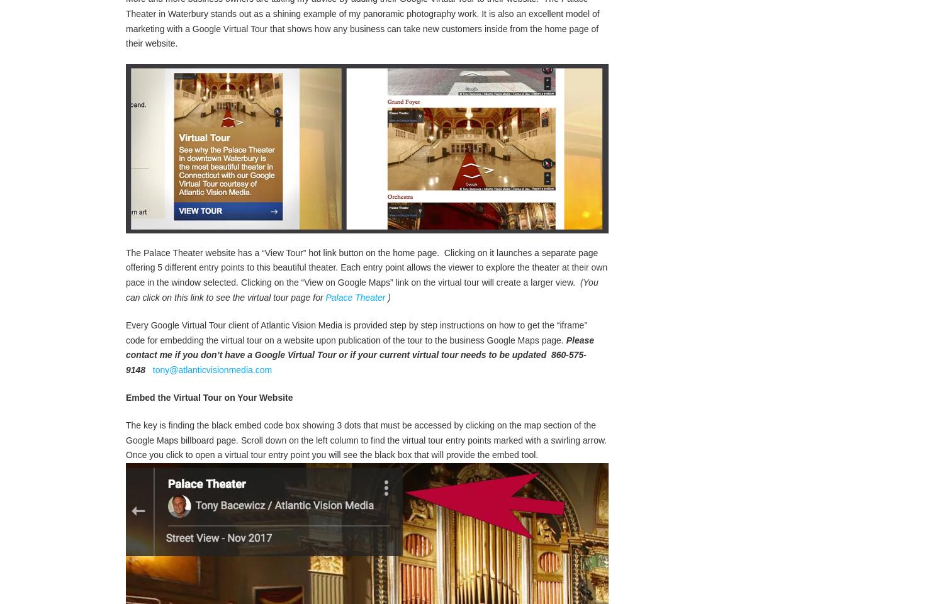 The image size is (944, 604). What do you see at coordinates (366, 281) in the screenshot?
I see `'The Palace Theater website has a “View Tour” hot link button on the home page.  Clicking on it launches a separate page offering 5 different entry points to this beautiful theater. Each entry point allows the viewer to explore the theater at their own pace in the window selected. Clicking on the “View on Google Maps” link on the virtual tour will create a larger view.'` at bounding box center [366, 281].